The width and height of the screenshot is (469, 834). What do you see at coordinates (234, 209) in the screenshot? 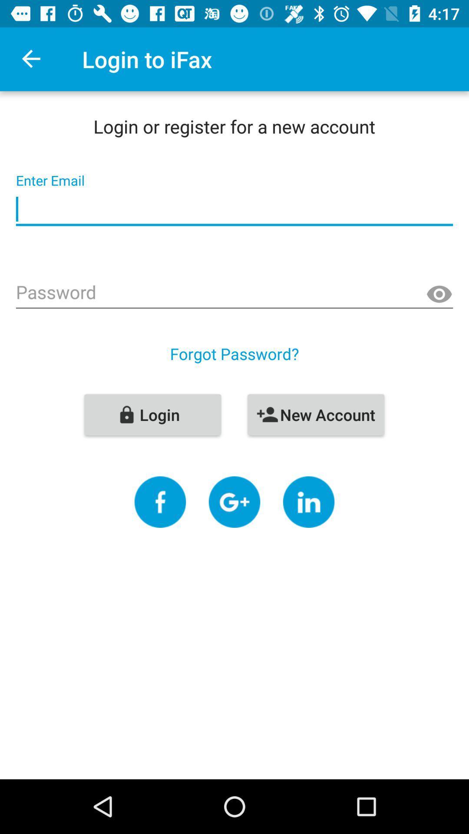
I see `bring up keyboard to enter email` at bounding box center [234, 209].